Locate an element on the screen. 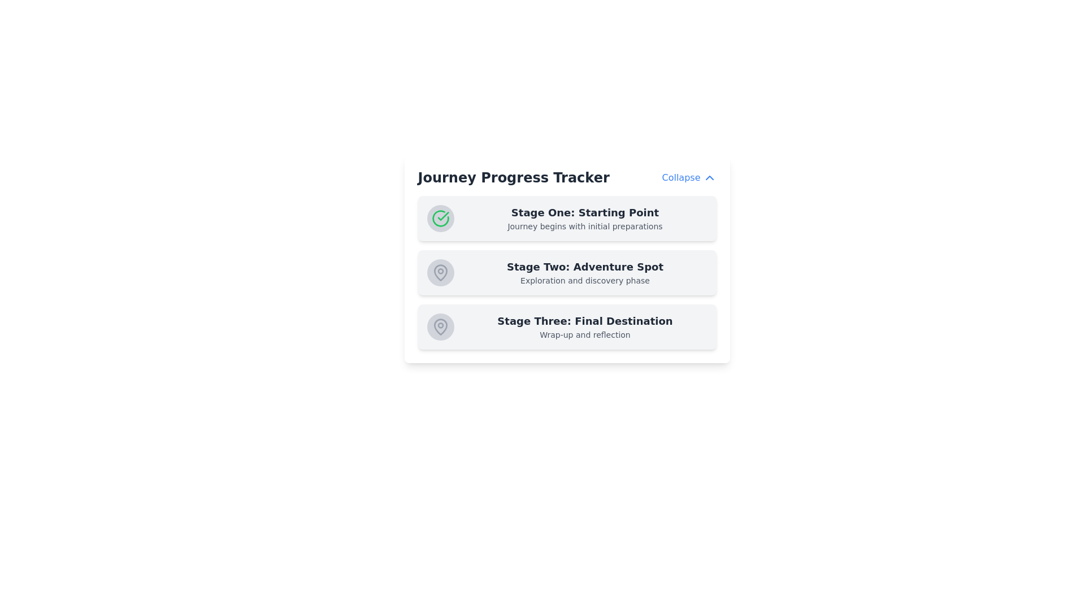 Image resolution: width=1085 pixels, height=610 pixels. text content of the second card titled 'Stage Two: Adventure Spot' in the 'Journey Progress Tracker' section, which contains a subtitle 'Exploration and discovery phase' is located at coordinates (567, 272).